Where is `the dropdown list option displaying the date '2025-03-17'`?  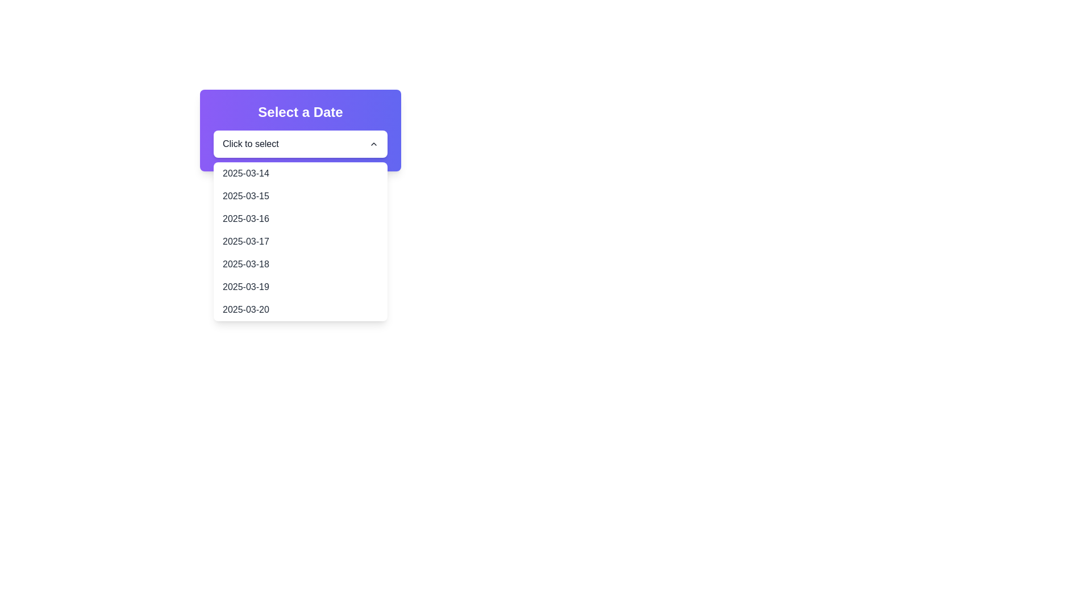 the dropdown list option displaying the date '2025-03-17' is located at coordinates (245, 241).